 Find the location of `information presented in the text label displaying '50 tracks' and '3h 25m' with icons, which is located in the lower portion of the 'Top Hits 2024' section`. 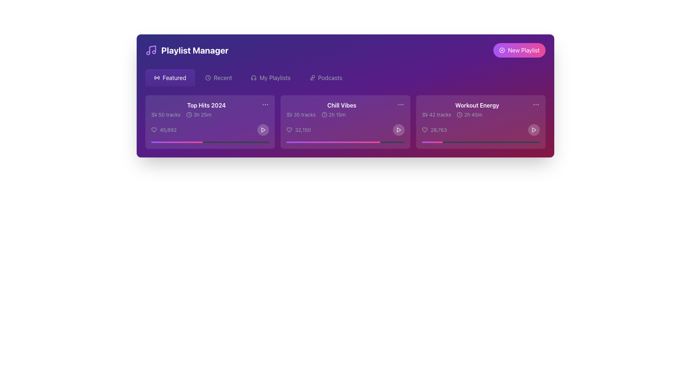

information presented in the text label displaying '50 tracks' and '3h 25m' with icons, which is located in the lower portion of the 'Top Hits 2024' section is located at coordinates (206, 114).